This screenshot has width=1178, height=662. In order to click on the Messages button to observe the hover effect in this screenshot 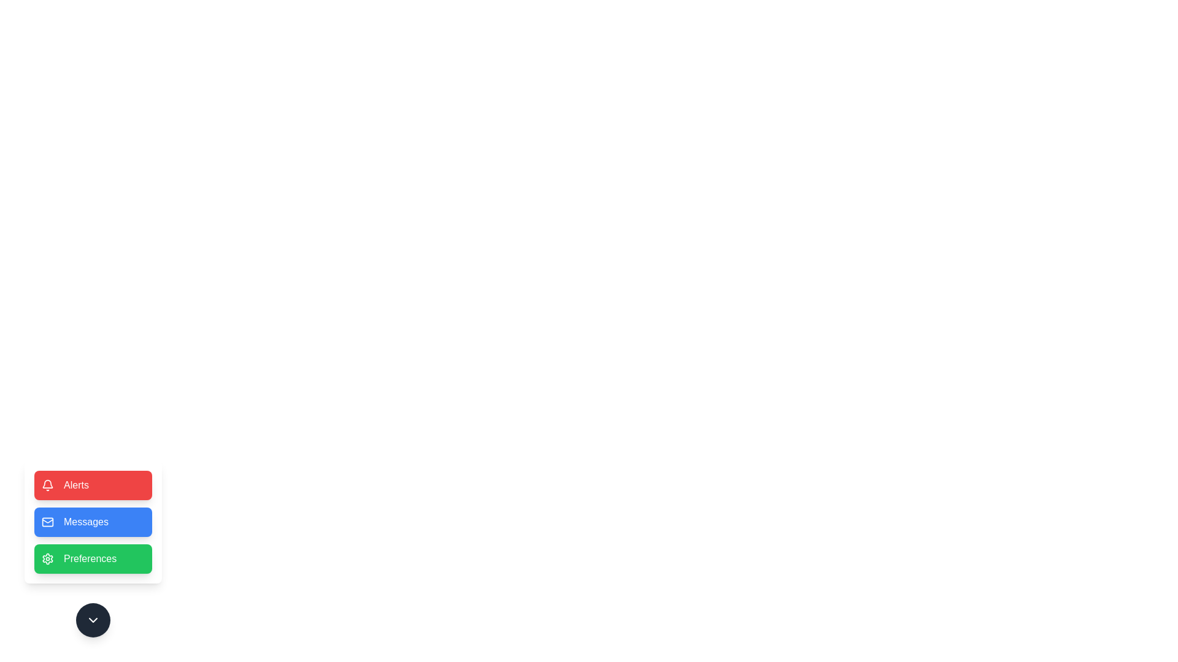, I will do `click(93, 522)`.